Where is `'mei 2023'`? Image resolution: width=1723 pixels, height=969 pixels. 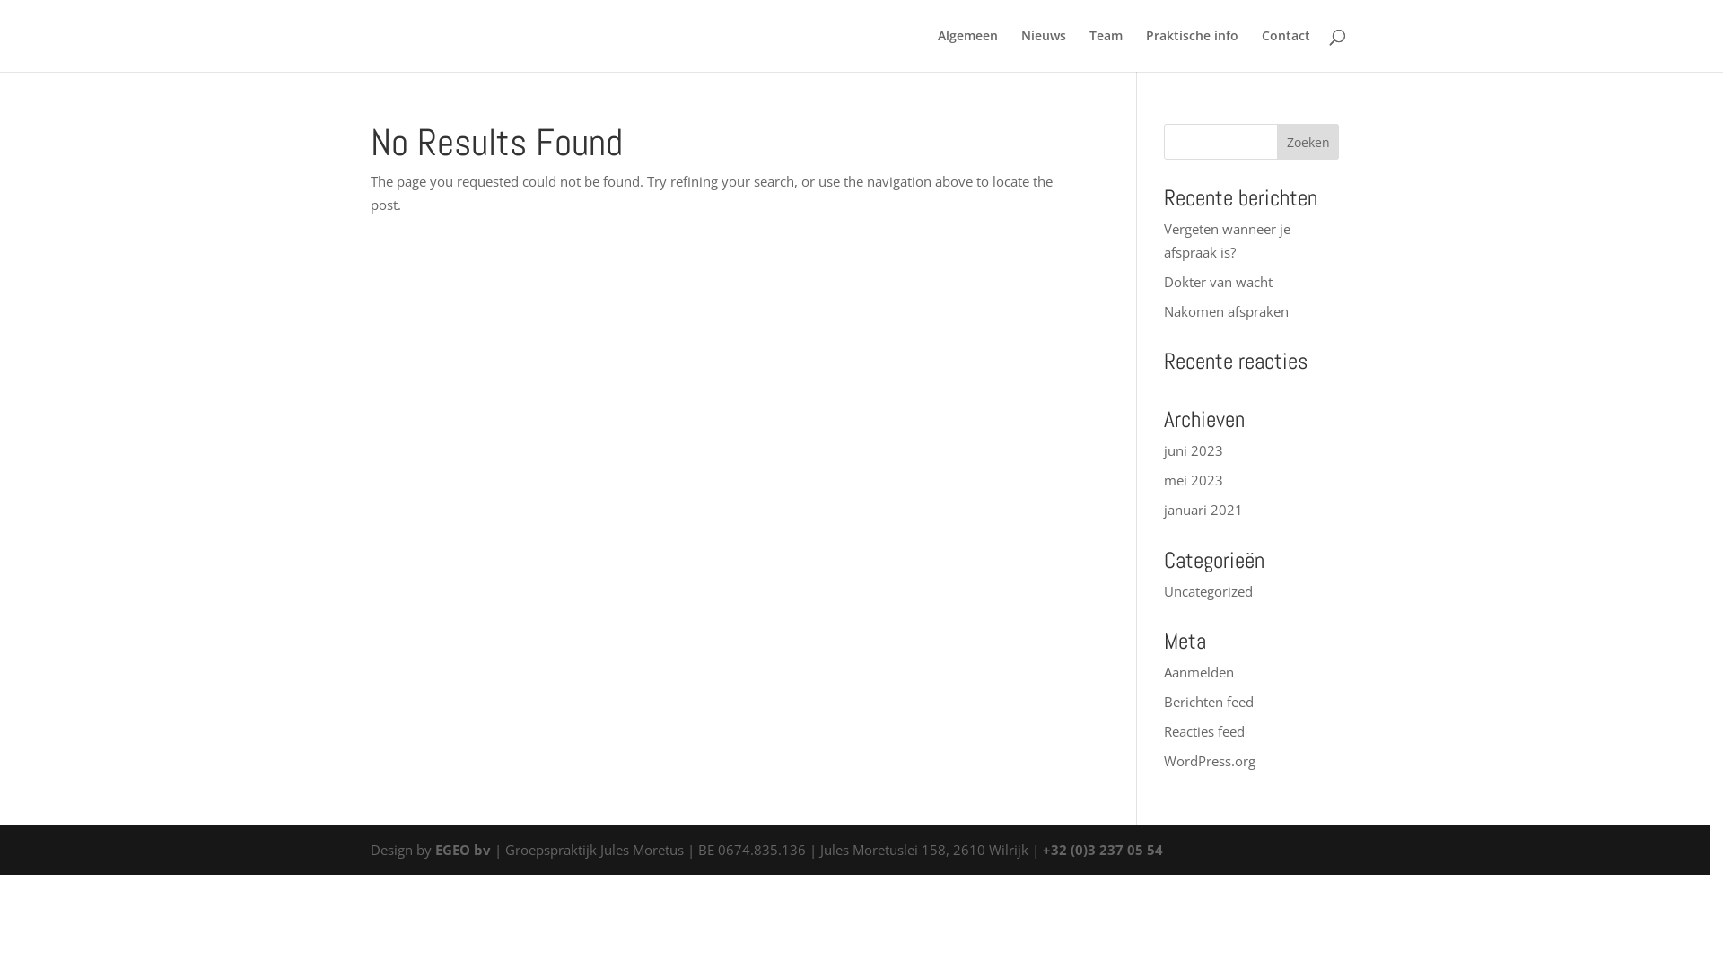
'mei 2023' is located at coordinates (1193, 479).